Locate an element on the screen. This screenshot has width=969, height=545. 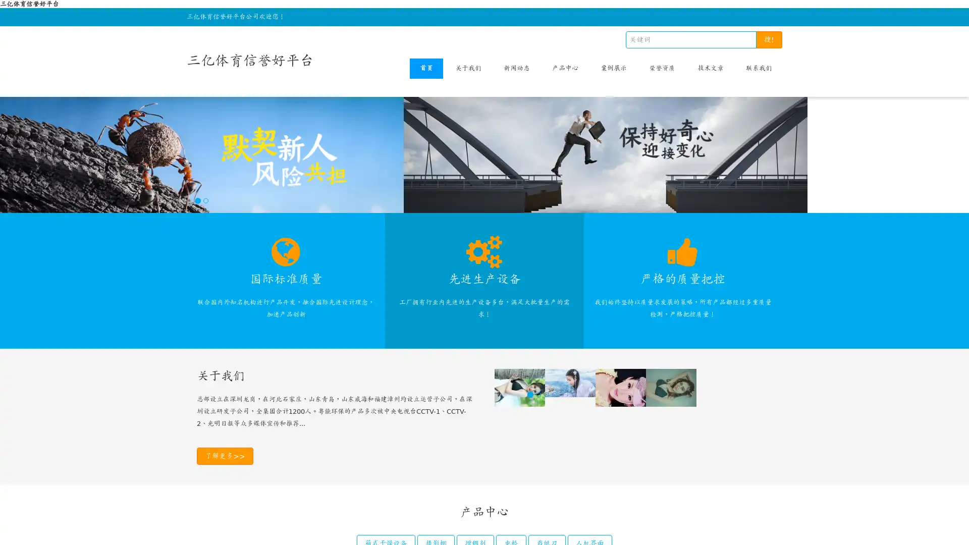
! is located at coordinates (769, 39).